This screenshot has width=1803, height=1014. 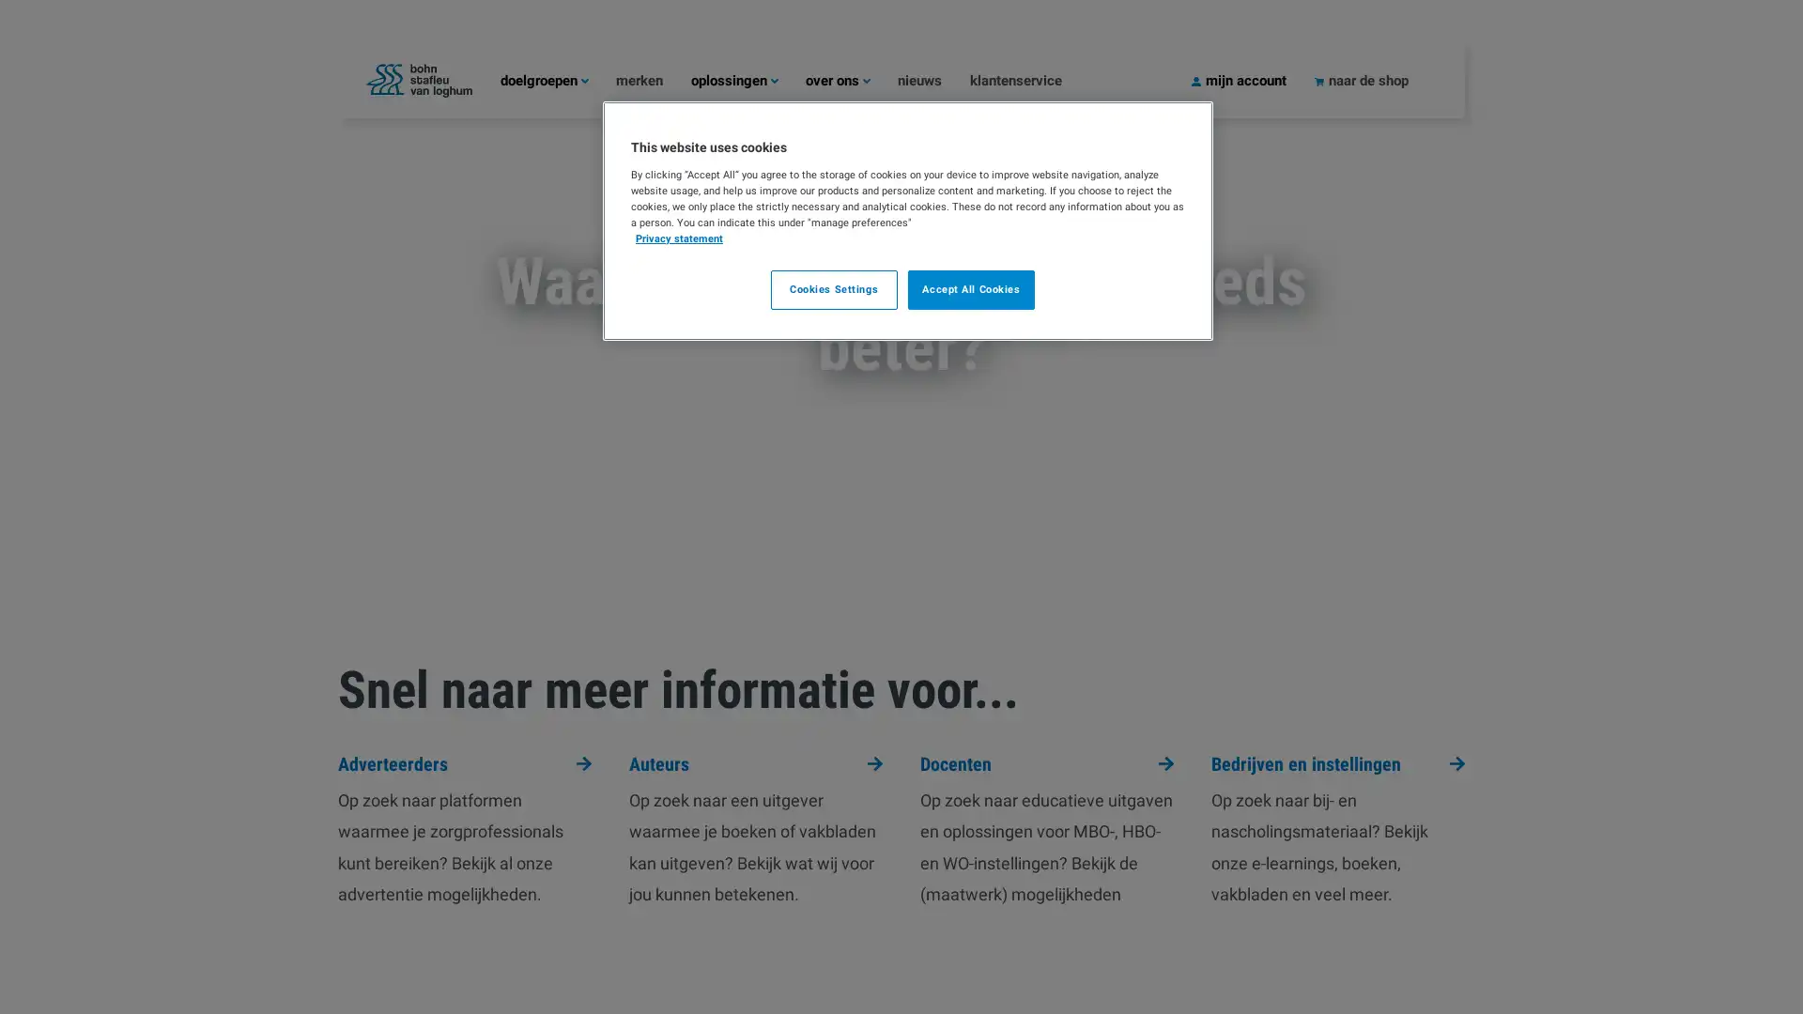 I want to click on Accept All Cookies, so click(x=971, y=289).